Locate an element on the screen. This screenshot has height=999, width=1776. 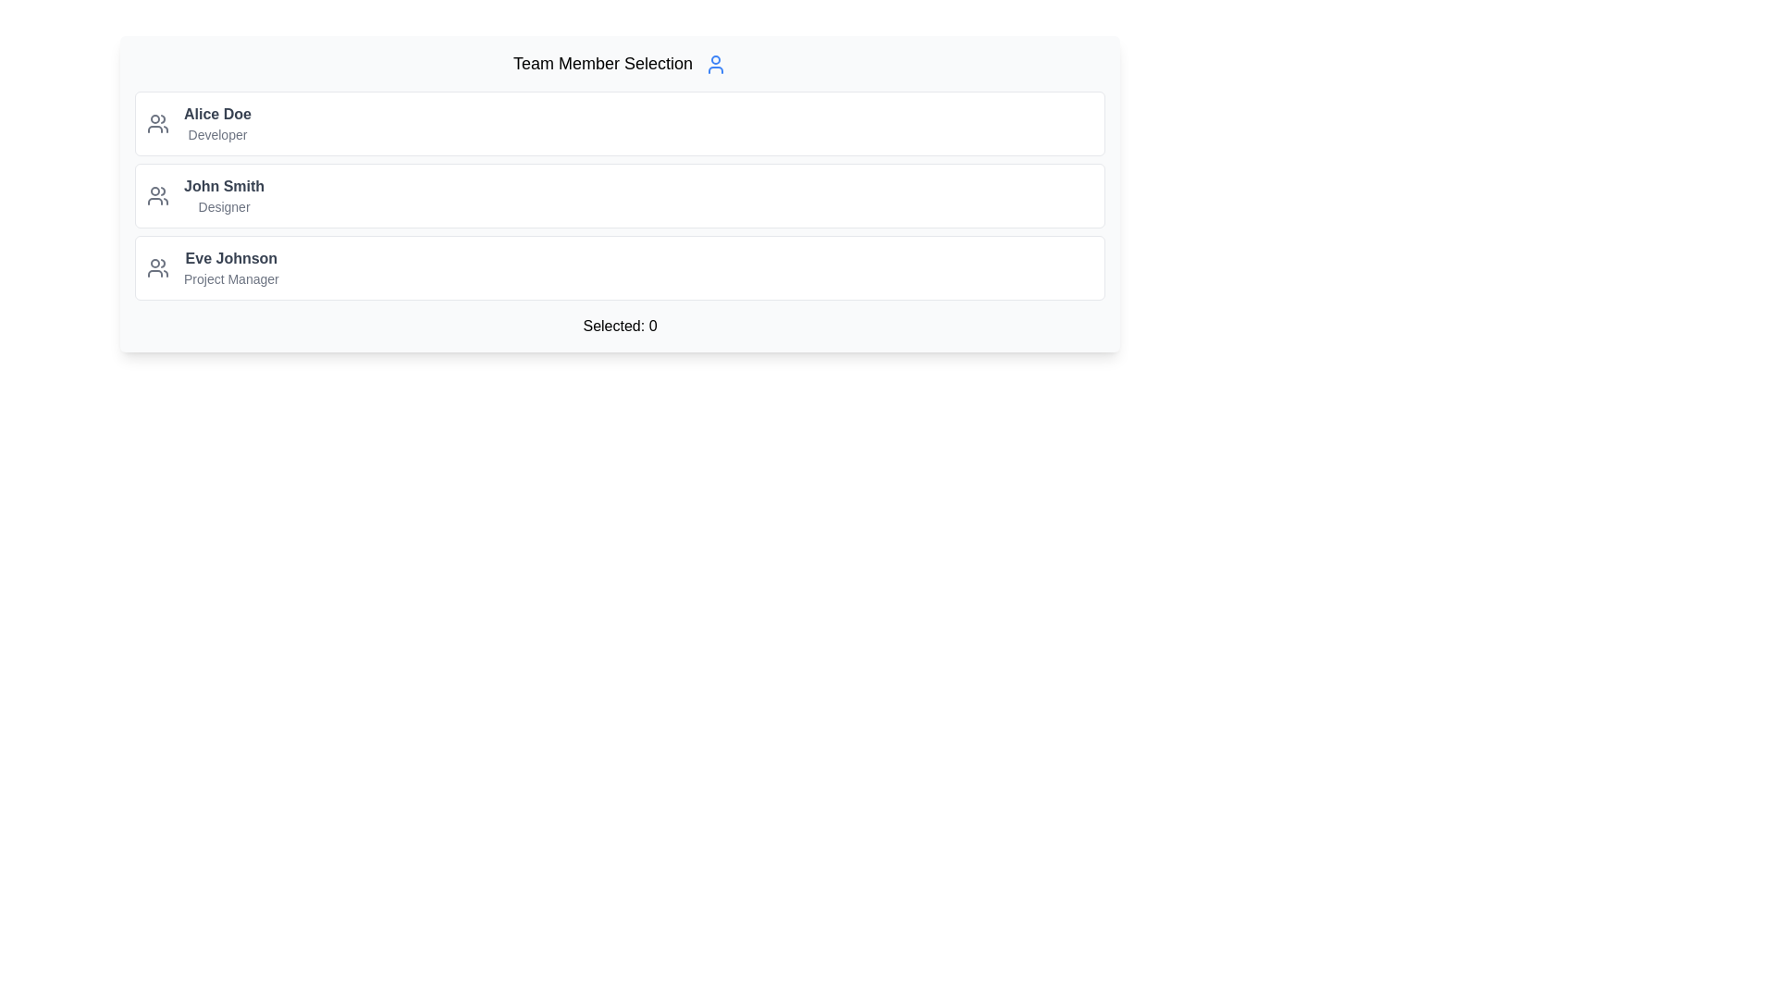
identification and role information for the user named Alice Doe, located in the text block at the top of the user cards list, next to the user icon is located at coordinates (217, 124).